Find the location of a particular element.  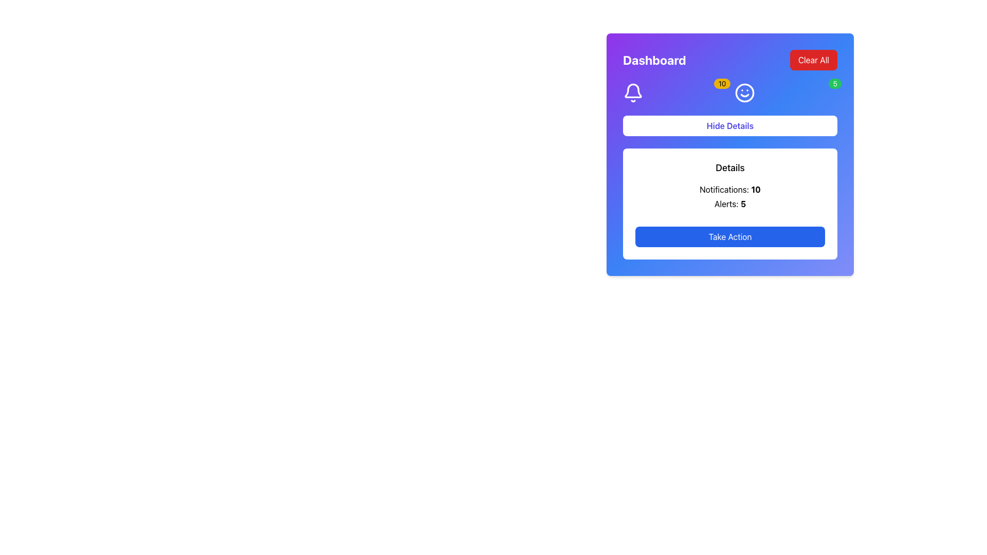

the rectangular 'Hide Details' button with rounded corners, which is located below the 'Clear All' button and above the 'Details' section in the dashboard interface is located at coordinates (729, 125).